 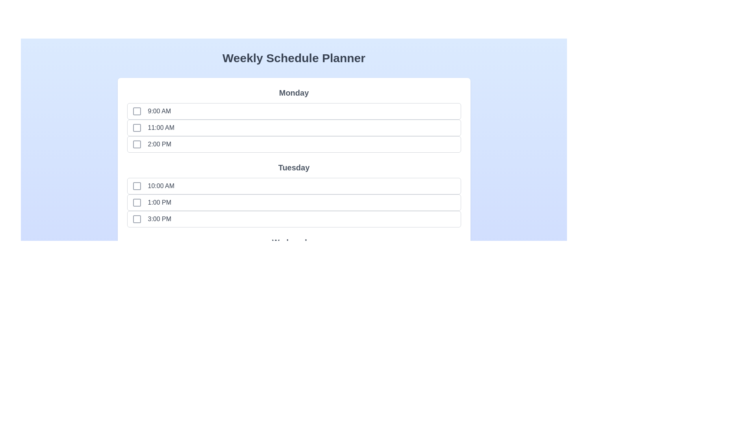 What do you see at coordinates (148, 144) in the screenshot?
I see `the time slot labeled 2:00 PM to observe the hover effect` at bounding box center [148, 144].